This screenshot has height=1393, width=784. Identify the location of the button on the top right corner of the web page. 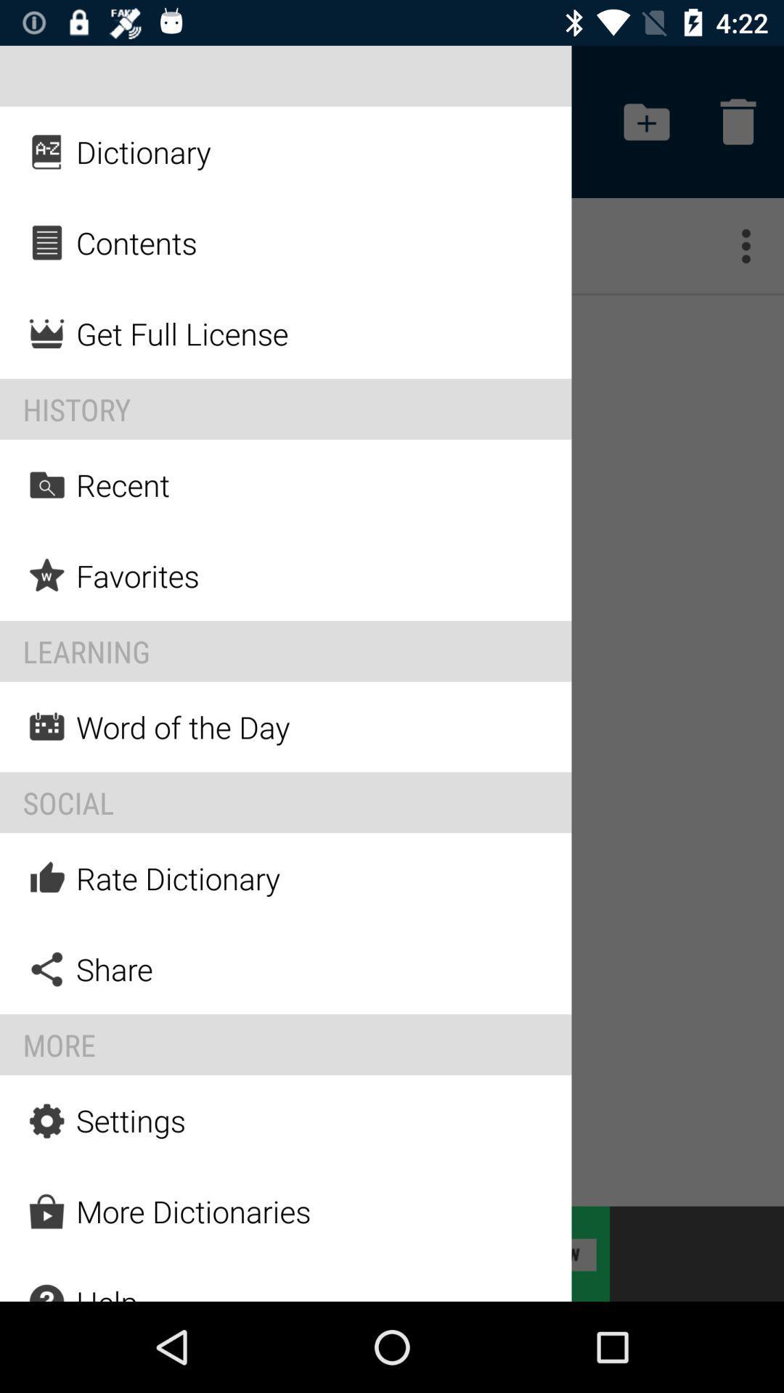
(738, 122).